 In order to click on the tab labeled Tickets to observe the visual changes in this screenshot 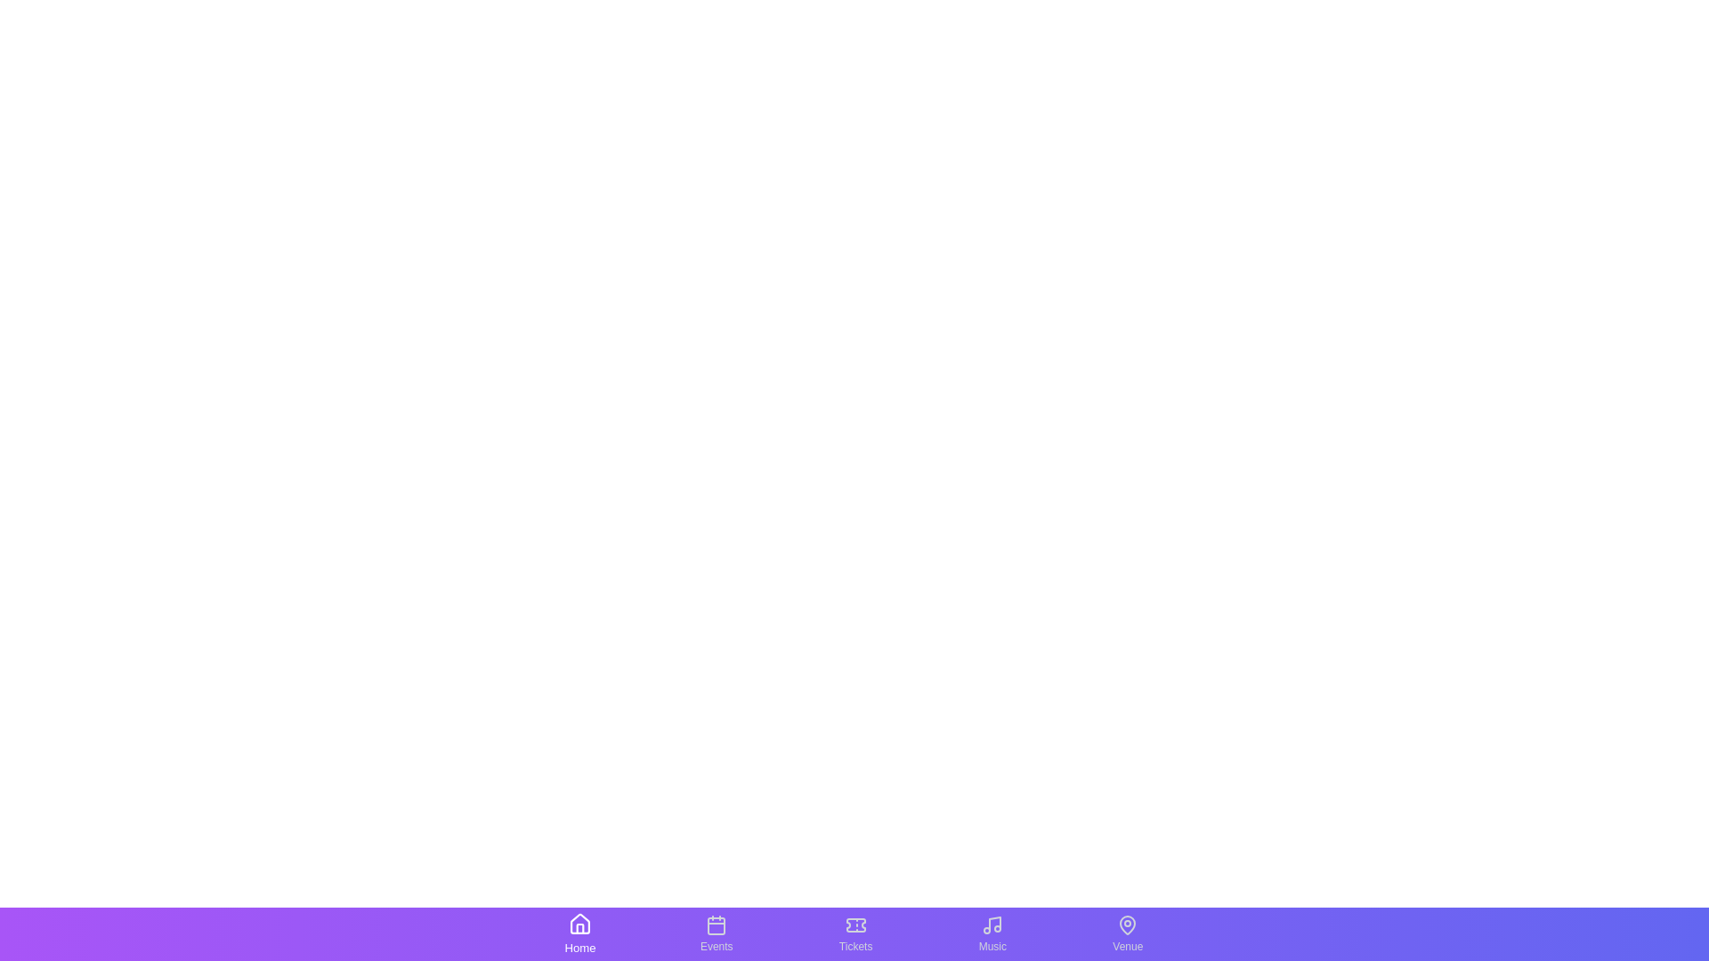, I will do `click(854, 933)`.